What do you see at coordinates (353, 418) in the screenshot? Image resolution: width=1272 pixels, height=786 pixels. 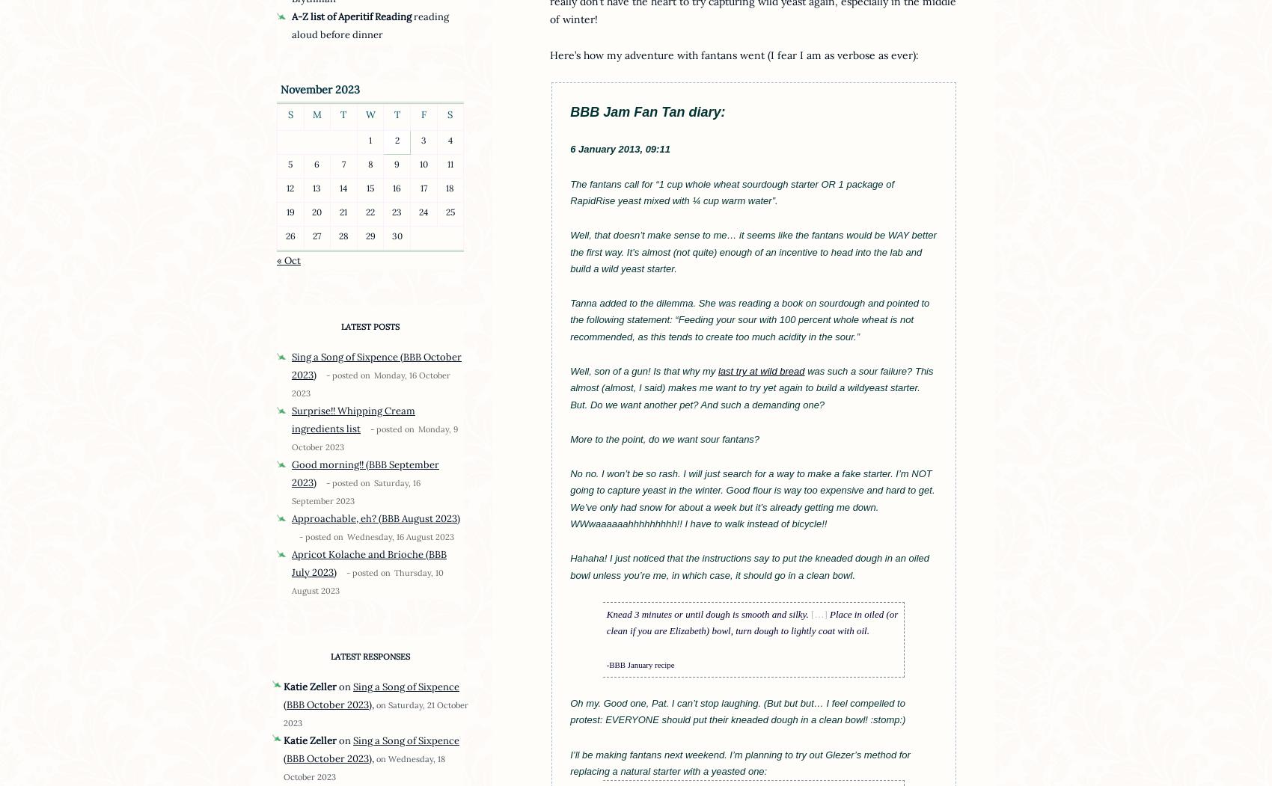 I see `'Surprise!! Whipping Cream ingredients list'` at bounding box center [353, 418].